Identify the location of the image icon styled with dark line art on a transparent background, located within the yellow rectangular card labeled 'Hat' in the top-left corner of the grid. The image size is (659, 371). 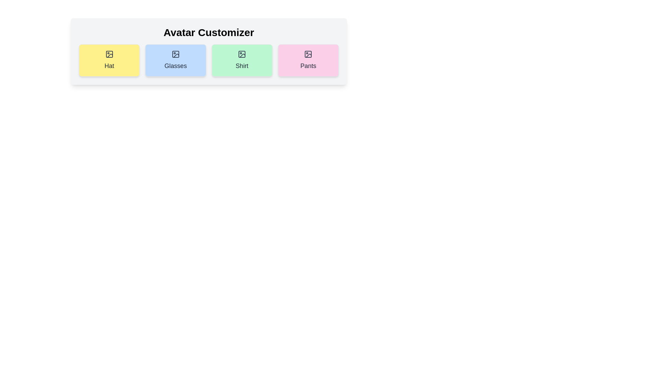
(109, 54).